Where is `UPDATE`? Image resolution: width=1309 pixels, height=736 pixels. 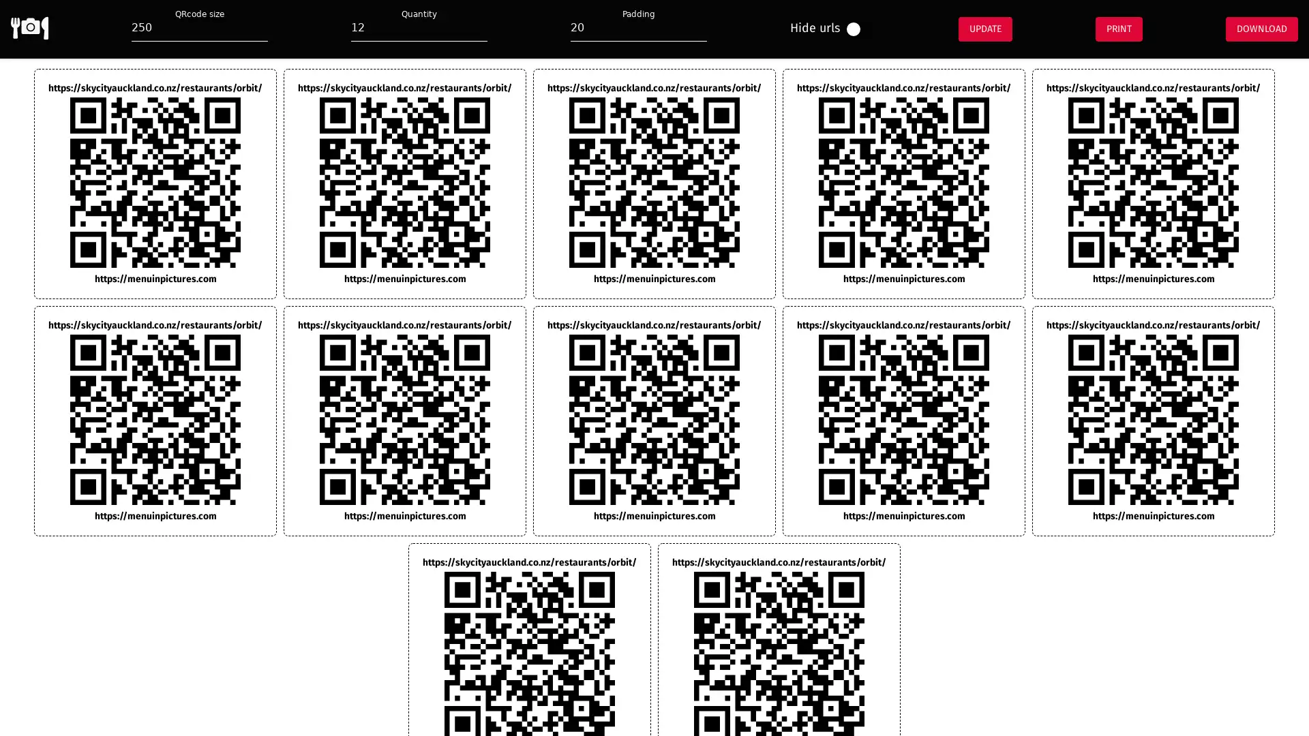
UPDATE is located at coordinates (984, 29).